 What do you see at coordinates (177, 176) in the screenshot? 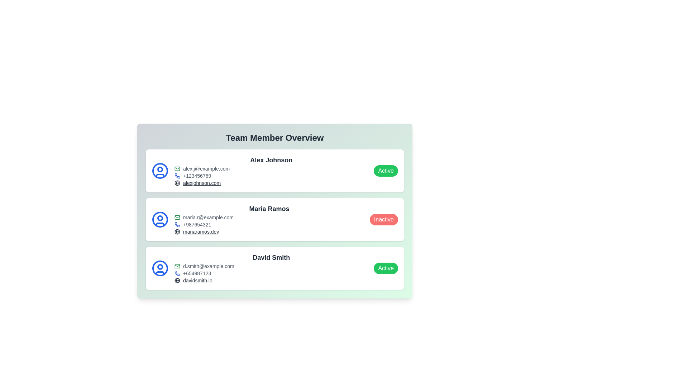
I see `phone icon next to Alex Johnson to initiate a call` at bounding box center [177, 176].